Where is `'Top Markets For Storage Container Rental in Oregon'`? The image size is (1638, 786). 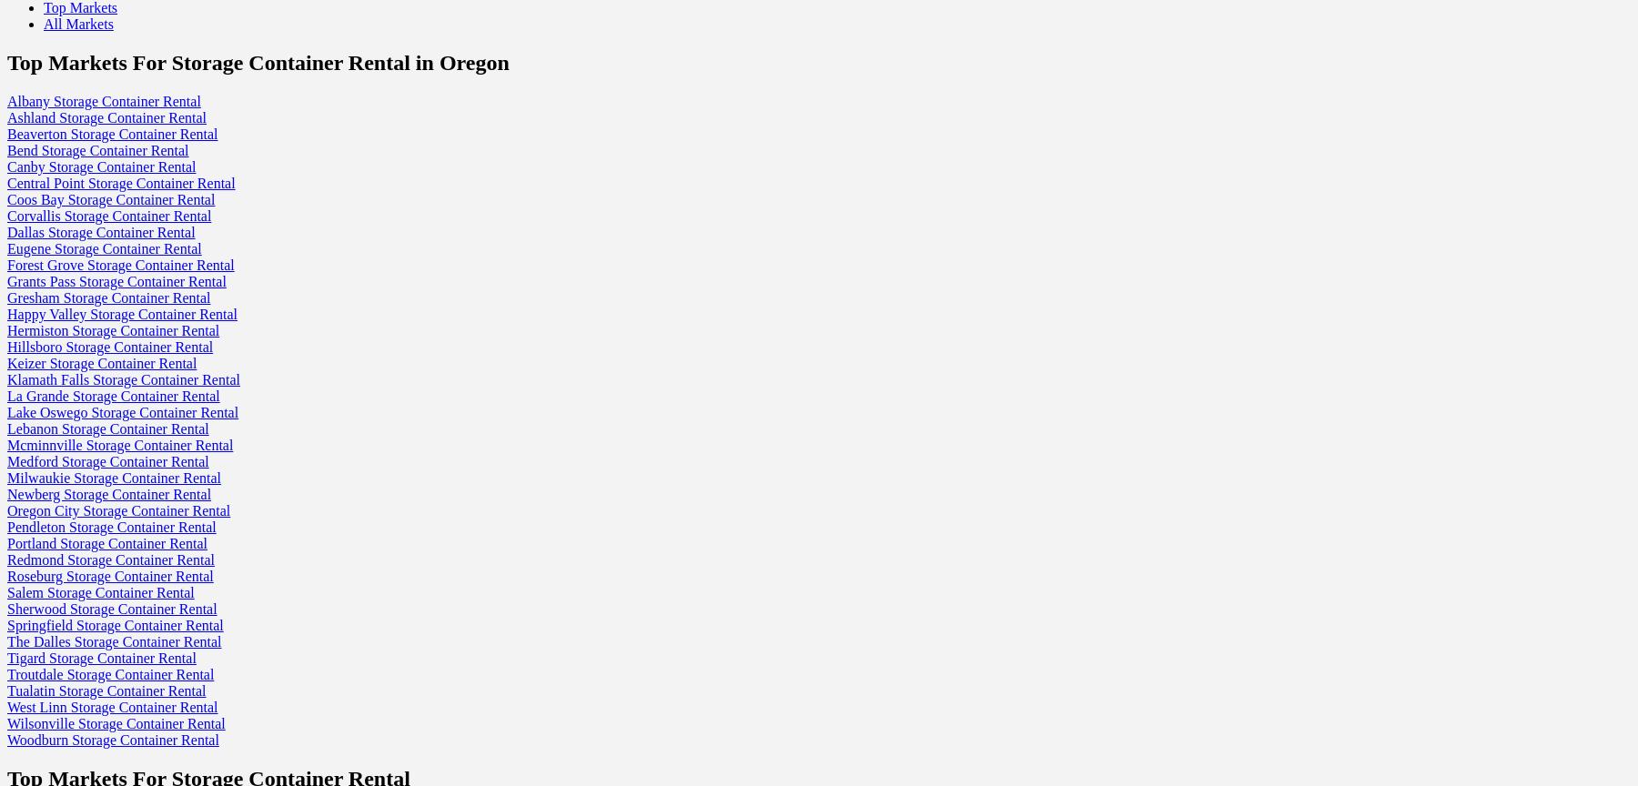 'Top Markets For Storage Container Rental in Oregon' is located at coordinates (257, 61).